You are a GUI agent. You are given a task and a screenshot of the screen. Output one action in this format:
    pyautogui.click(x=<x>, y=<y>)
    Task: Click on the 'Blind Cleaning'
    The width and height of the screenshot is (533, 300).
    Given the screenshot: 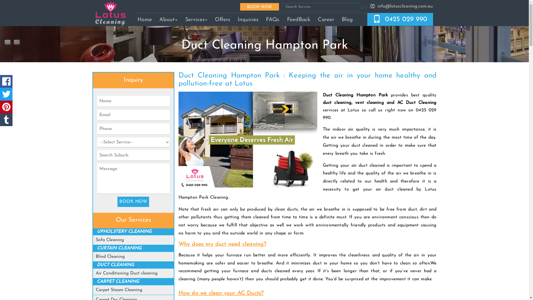 What is the action you would take?
    pyautogui.click(x=110, y=257)
    